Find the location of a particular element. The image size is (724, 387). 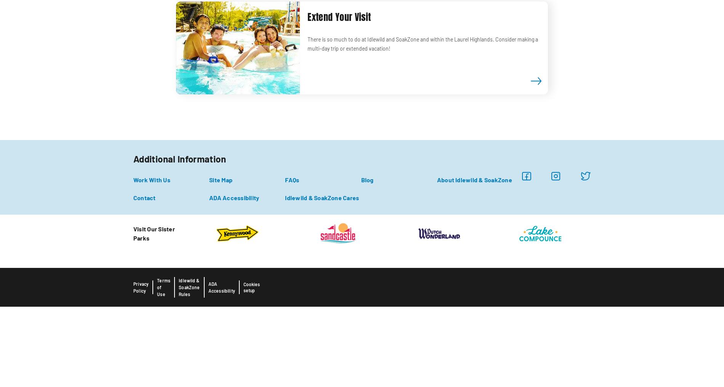

'FAQs' is located at coordinates (292, 179).